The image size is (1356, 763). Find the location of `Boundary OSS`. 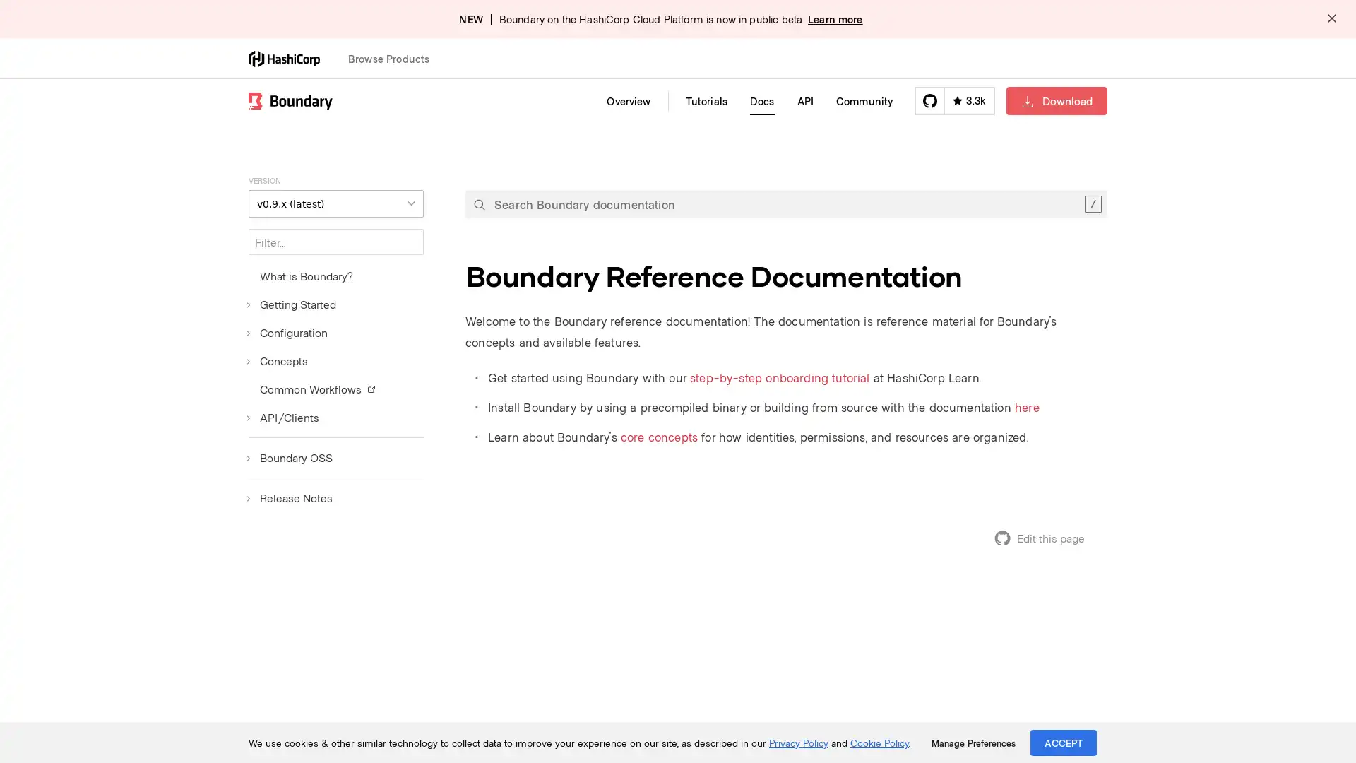

Boundary OSS is located at coordinates (290, 458).